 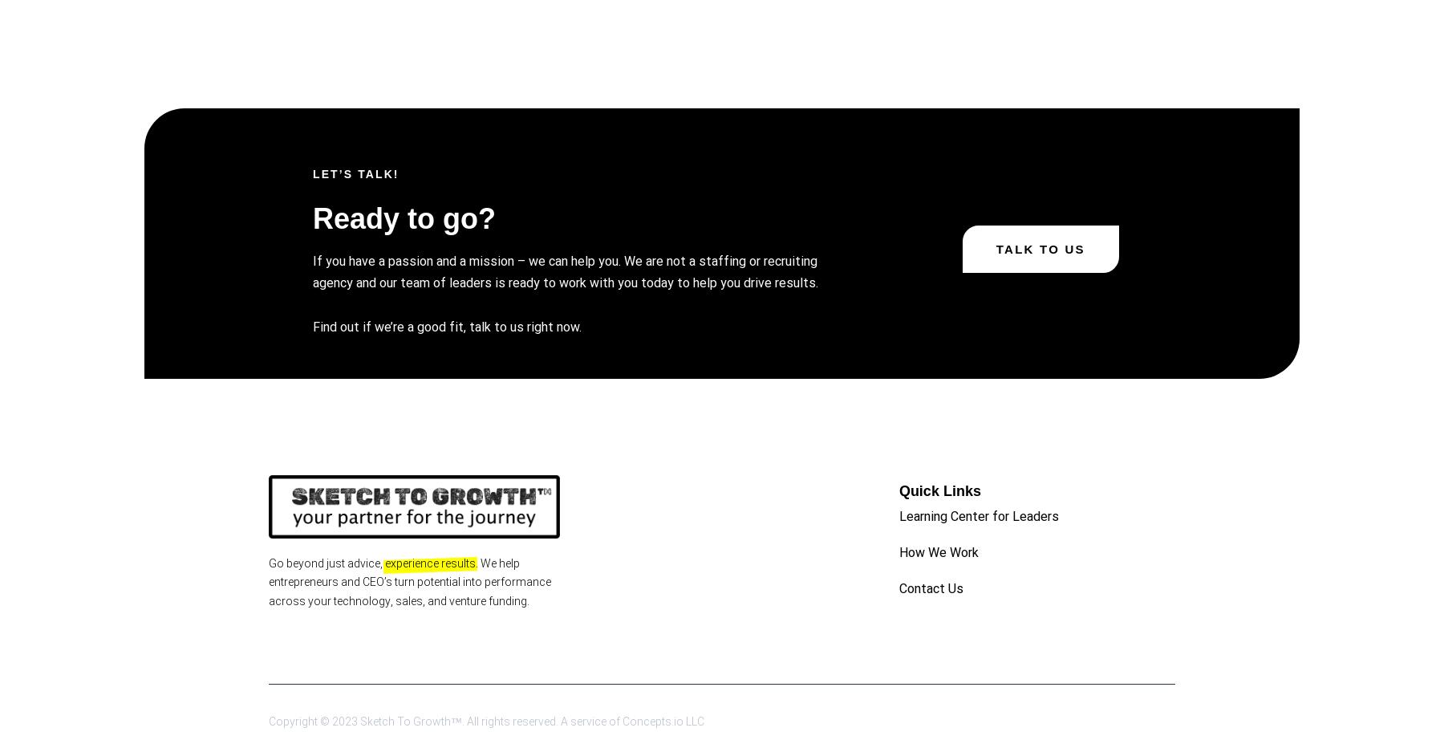 I want to click on 'Contact Us', so click(x=929, y=588).